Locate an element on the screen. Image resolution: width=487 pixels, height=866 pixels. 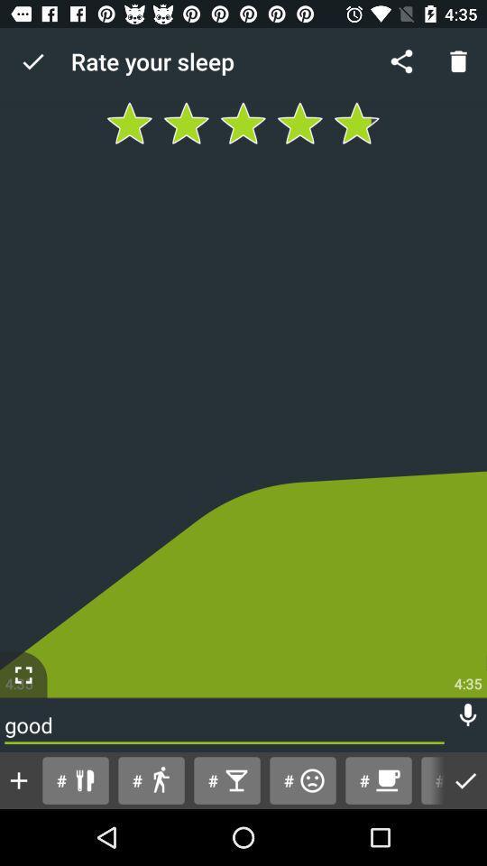
mute and unmute option is located at coordinates (467, 715).